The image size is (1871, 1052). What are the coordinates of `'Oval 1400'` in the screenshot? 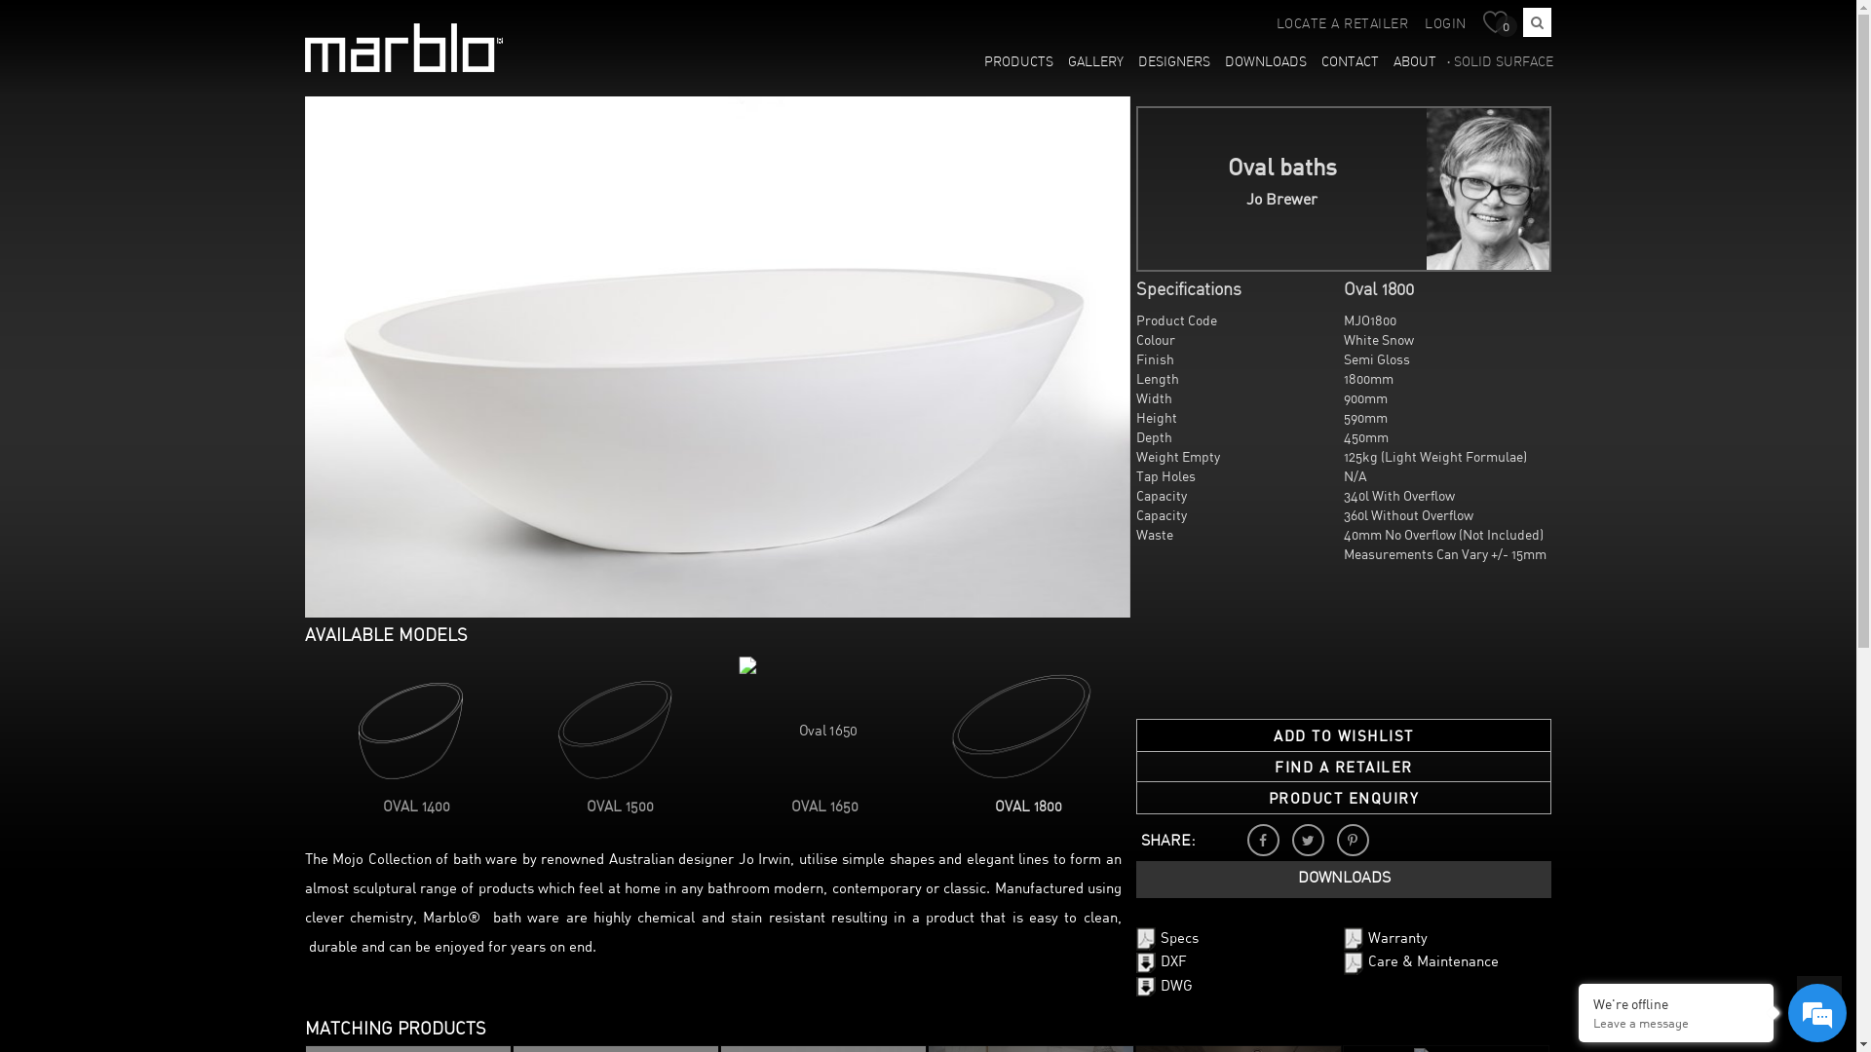 It's located at (402, 726).